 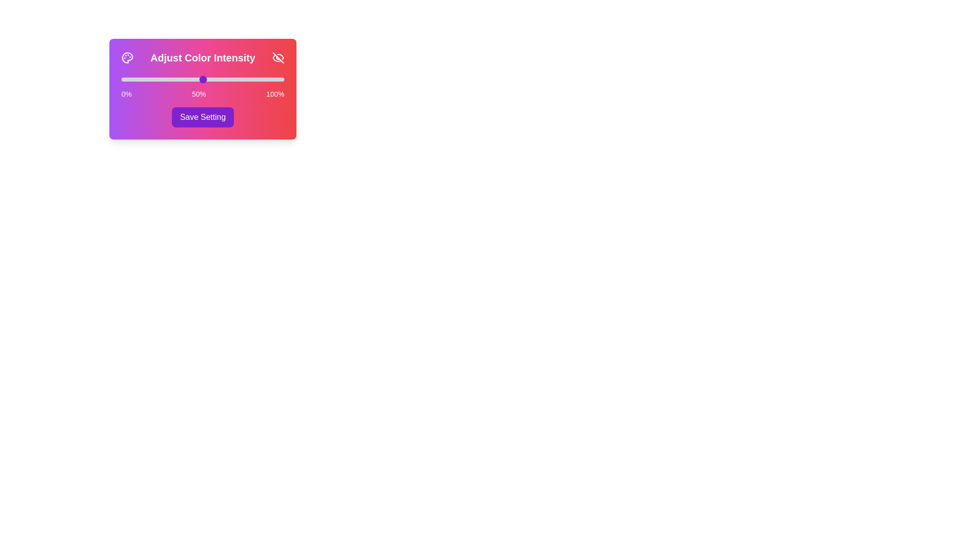 I want to click on the slider to set the color intensity to 58%, so click(x=215, y=79).